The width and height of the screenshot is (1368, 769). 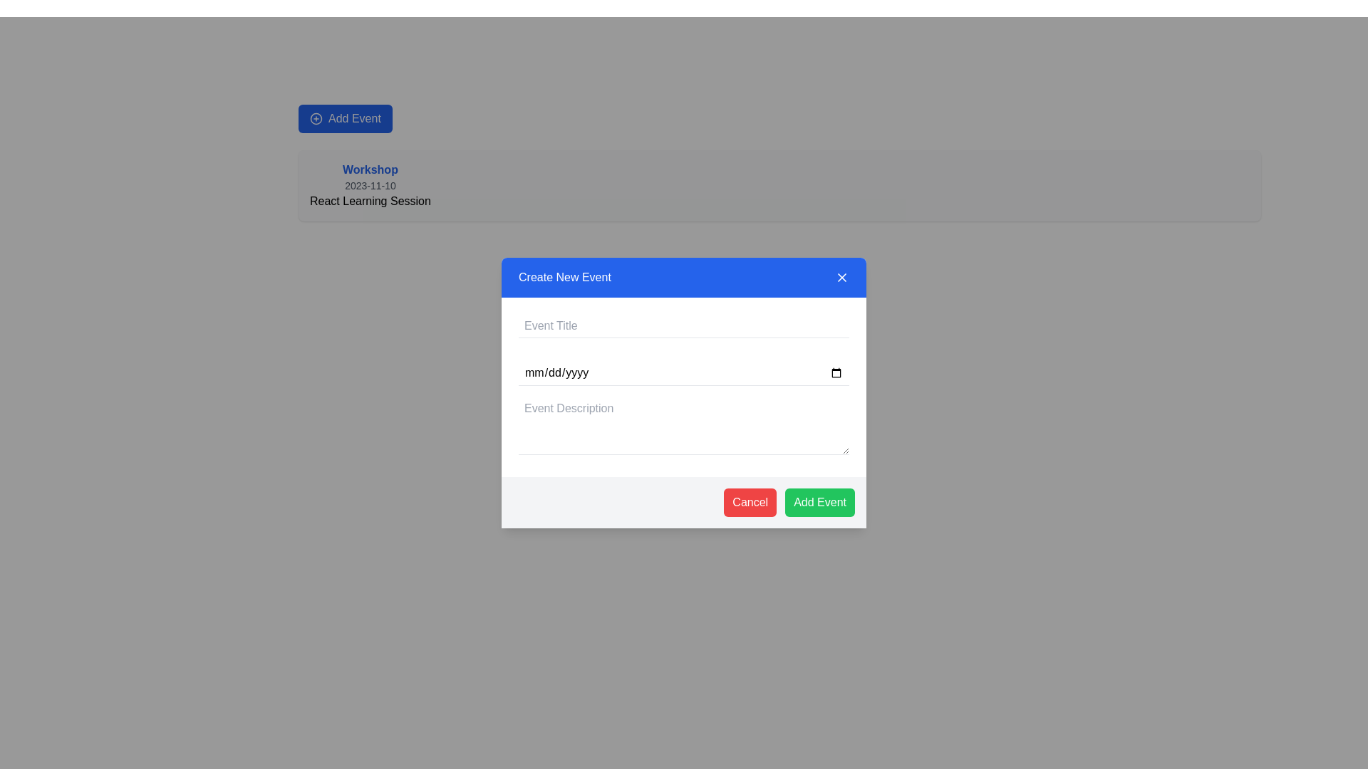 What do you see at coordinates (841, 277) in the screenshot?
I see `the close button (cross symbol) located at the top-right corner of the 'Create New Event' pop-up window` at bounding box center [841, 277].